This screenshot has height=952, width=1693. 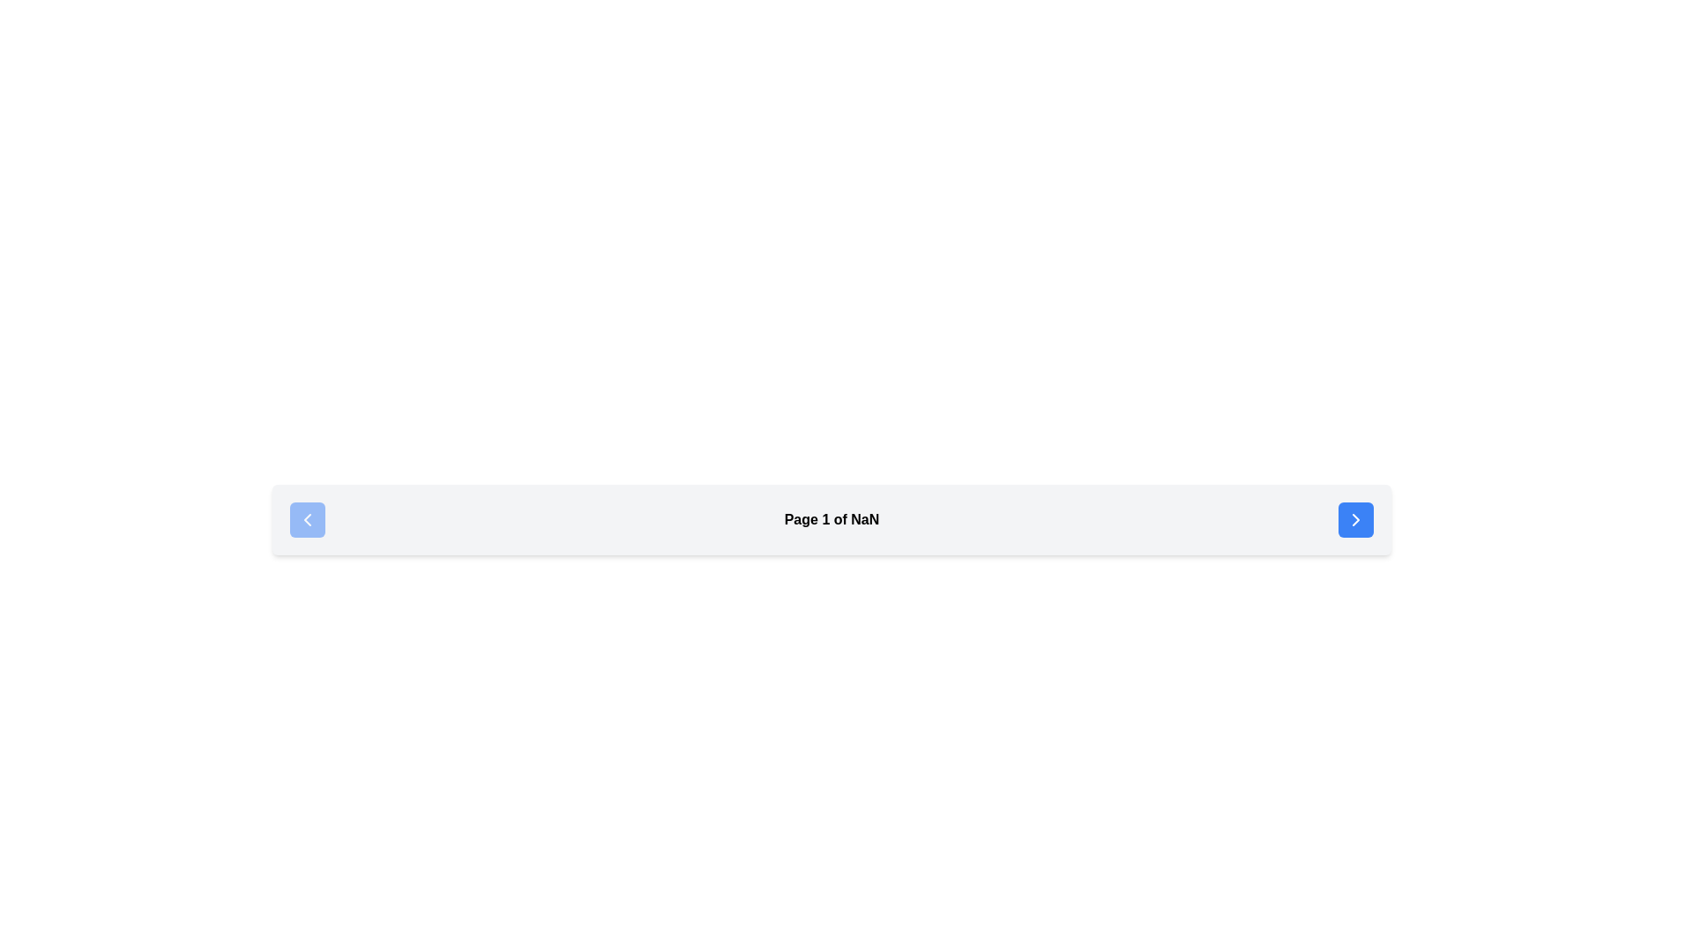 What do you see at coordinates (1354, 519) in the screenshot?
I see `the chevron arrow icon located within the blue circular button at the far right end of the navigation bar` at bounding box center [1354, 519].